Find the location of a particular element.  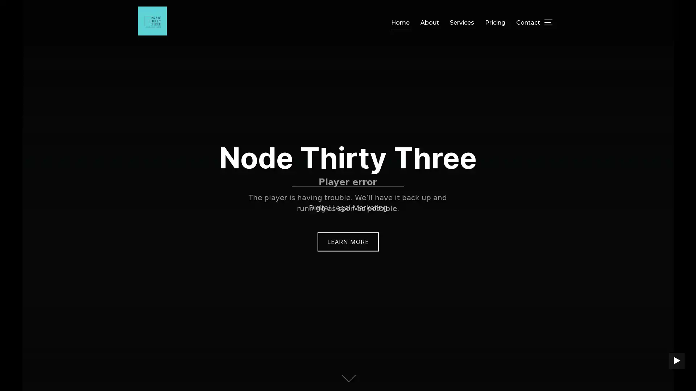

TOGGLE SIDEBAR & NAVIGATION is located at coordinates (551, 22).